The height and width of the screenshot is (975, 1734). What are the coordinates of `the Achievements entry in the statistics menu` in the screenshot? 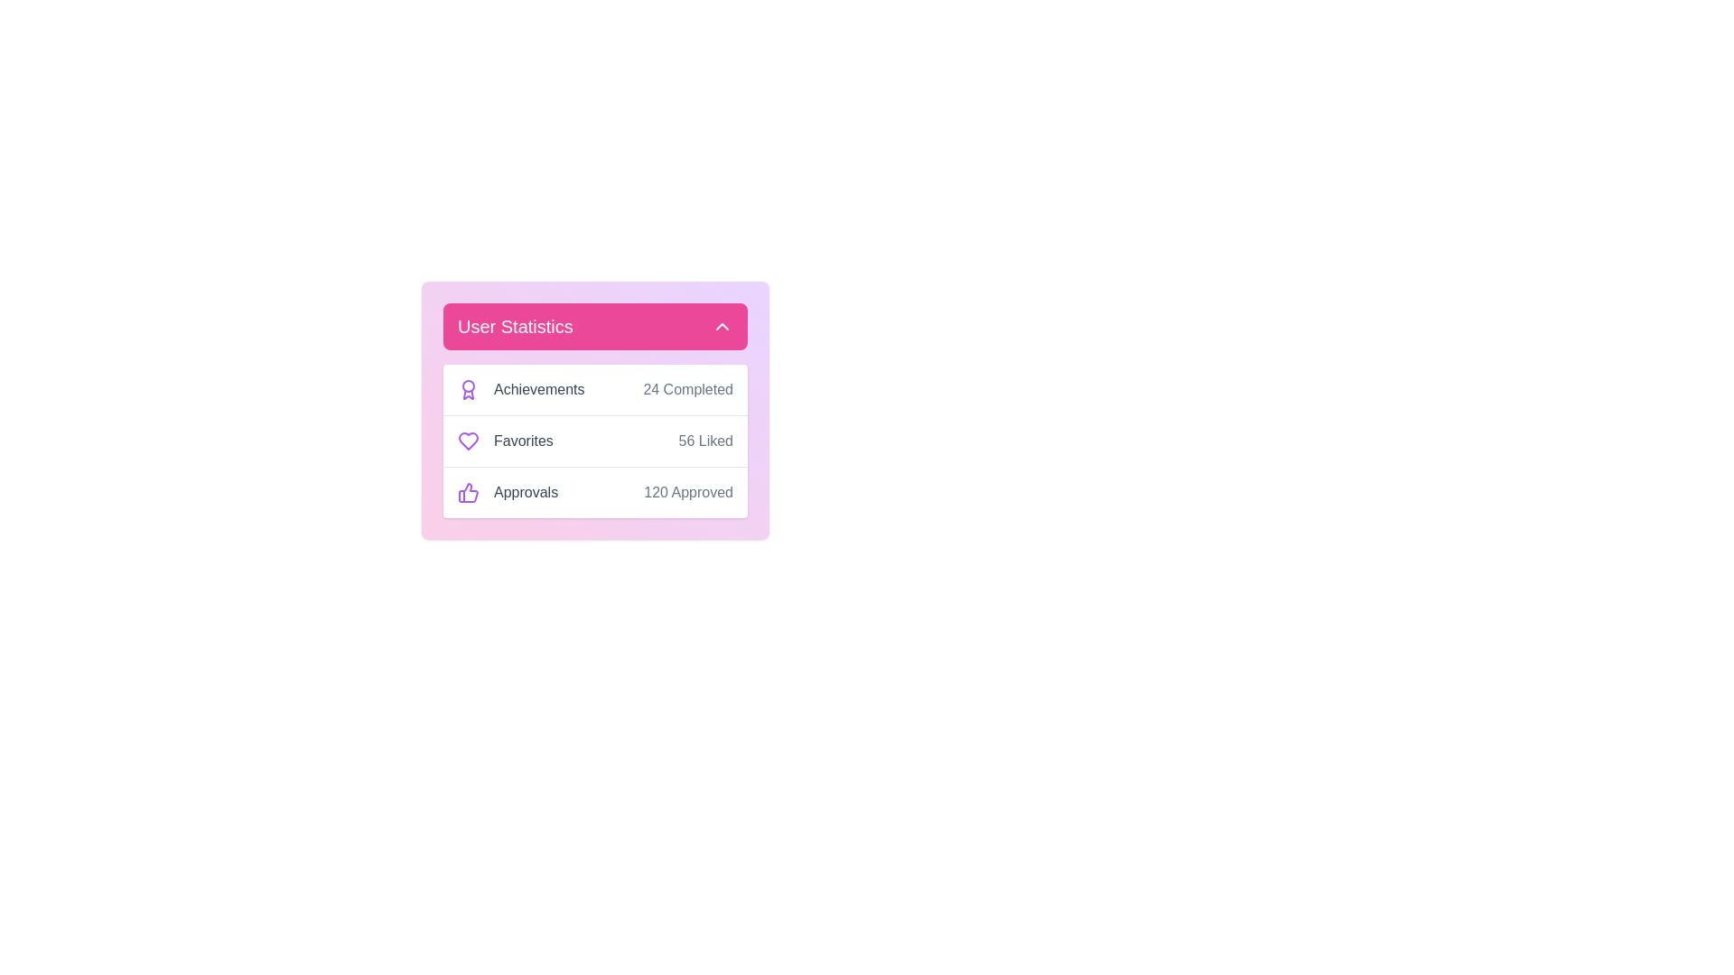 It's located at (595, 389).